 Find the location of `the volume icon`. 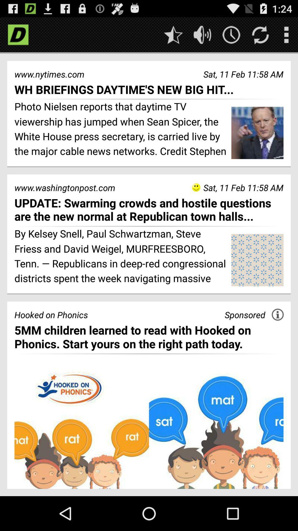

the volume icon is located at coordinates (202, 37).